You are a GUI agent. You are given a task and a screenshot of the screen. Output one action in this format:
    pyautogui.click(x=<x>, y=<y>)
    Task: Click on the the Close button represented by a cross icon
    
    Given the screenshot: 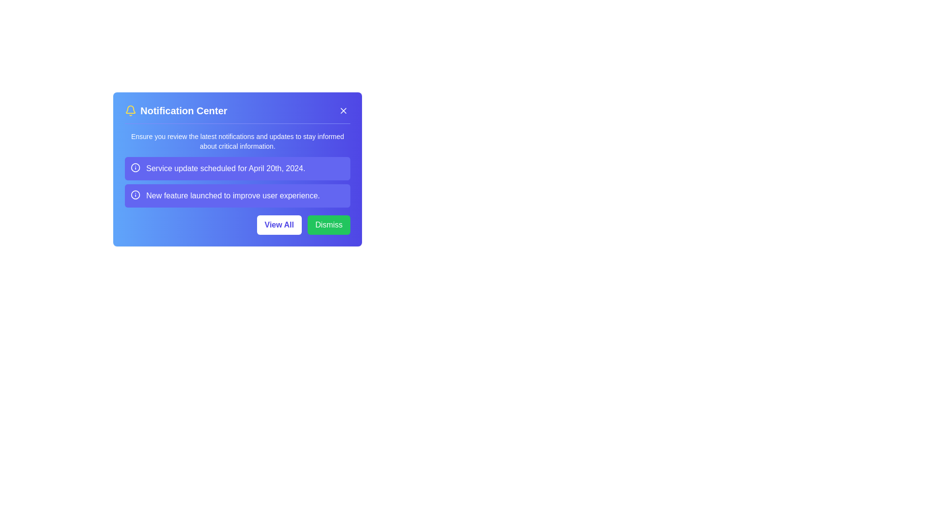 What is the action you would take?
    pyautogui.click(x=343, y=110)
    